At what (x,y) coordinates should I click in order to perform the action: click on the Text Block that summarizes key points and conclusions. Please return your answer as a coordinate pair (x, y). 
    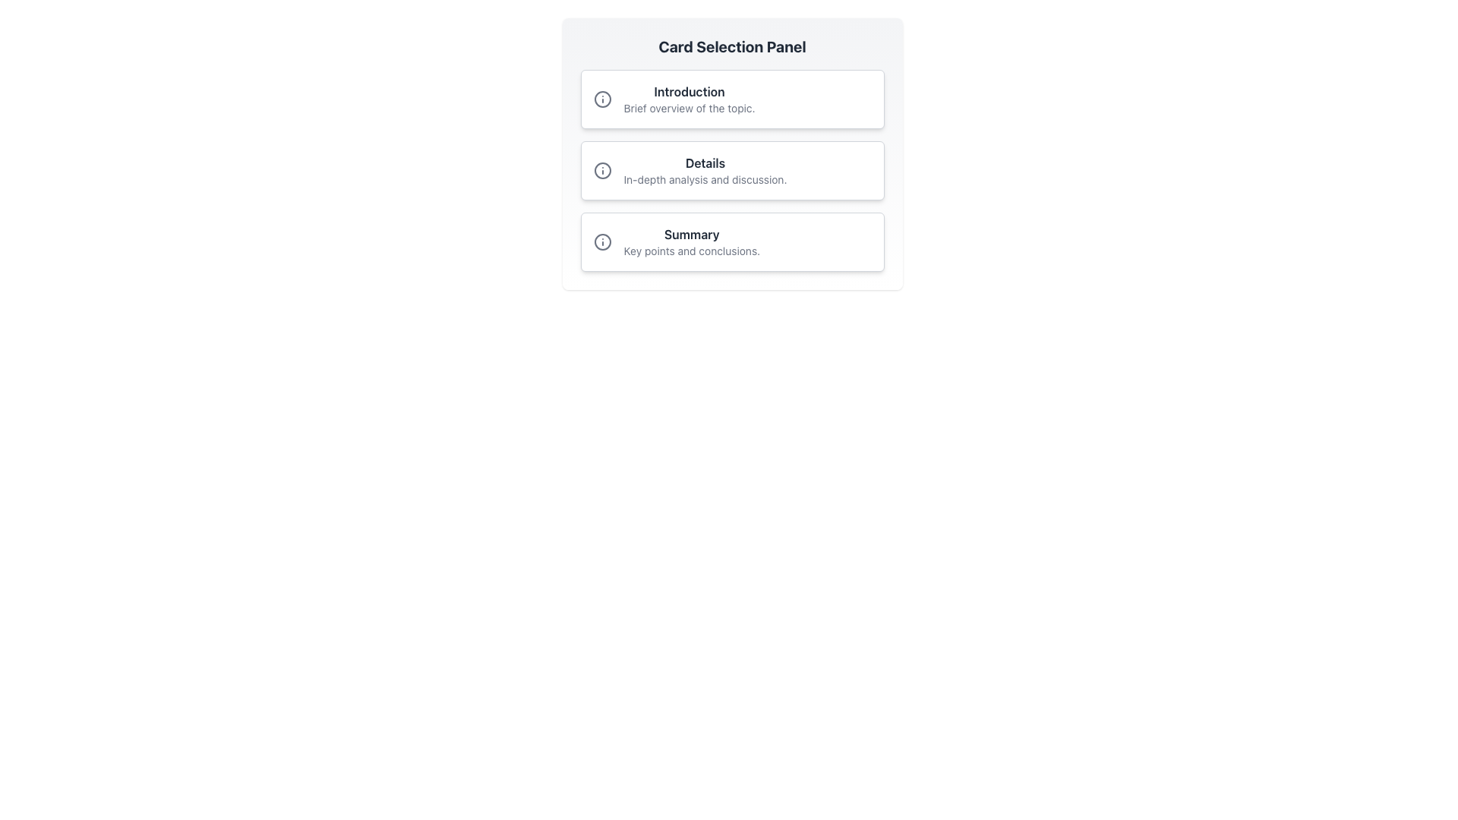
    Looking at the image, I should click on (691, 241).